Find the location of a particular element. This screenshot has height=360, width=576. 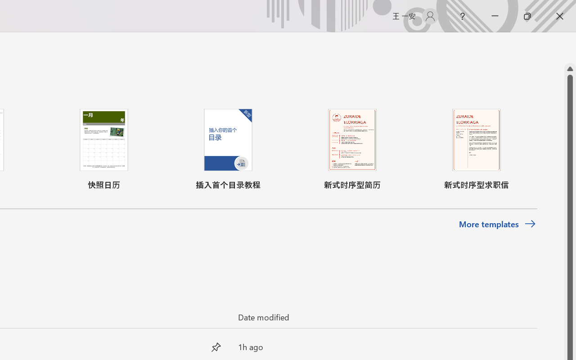

'More templates' is located at coordinates (497, 224).